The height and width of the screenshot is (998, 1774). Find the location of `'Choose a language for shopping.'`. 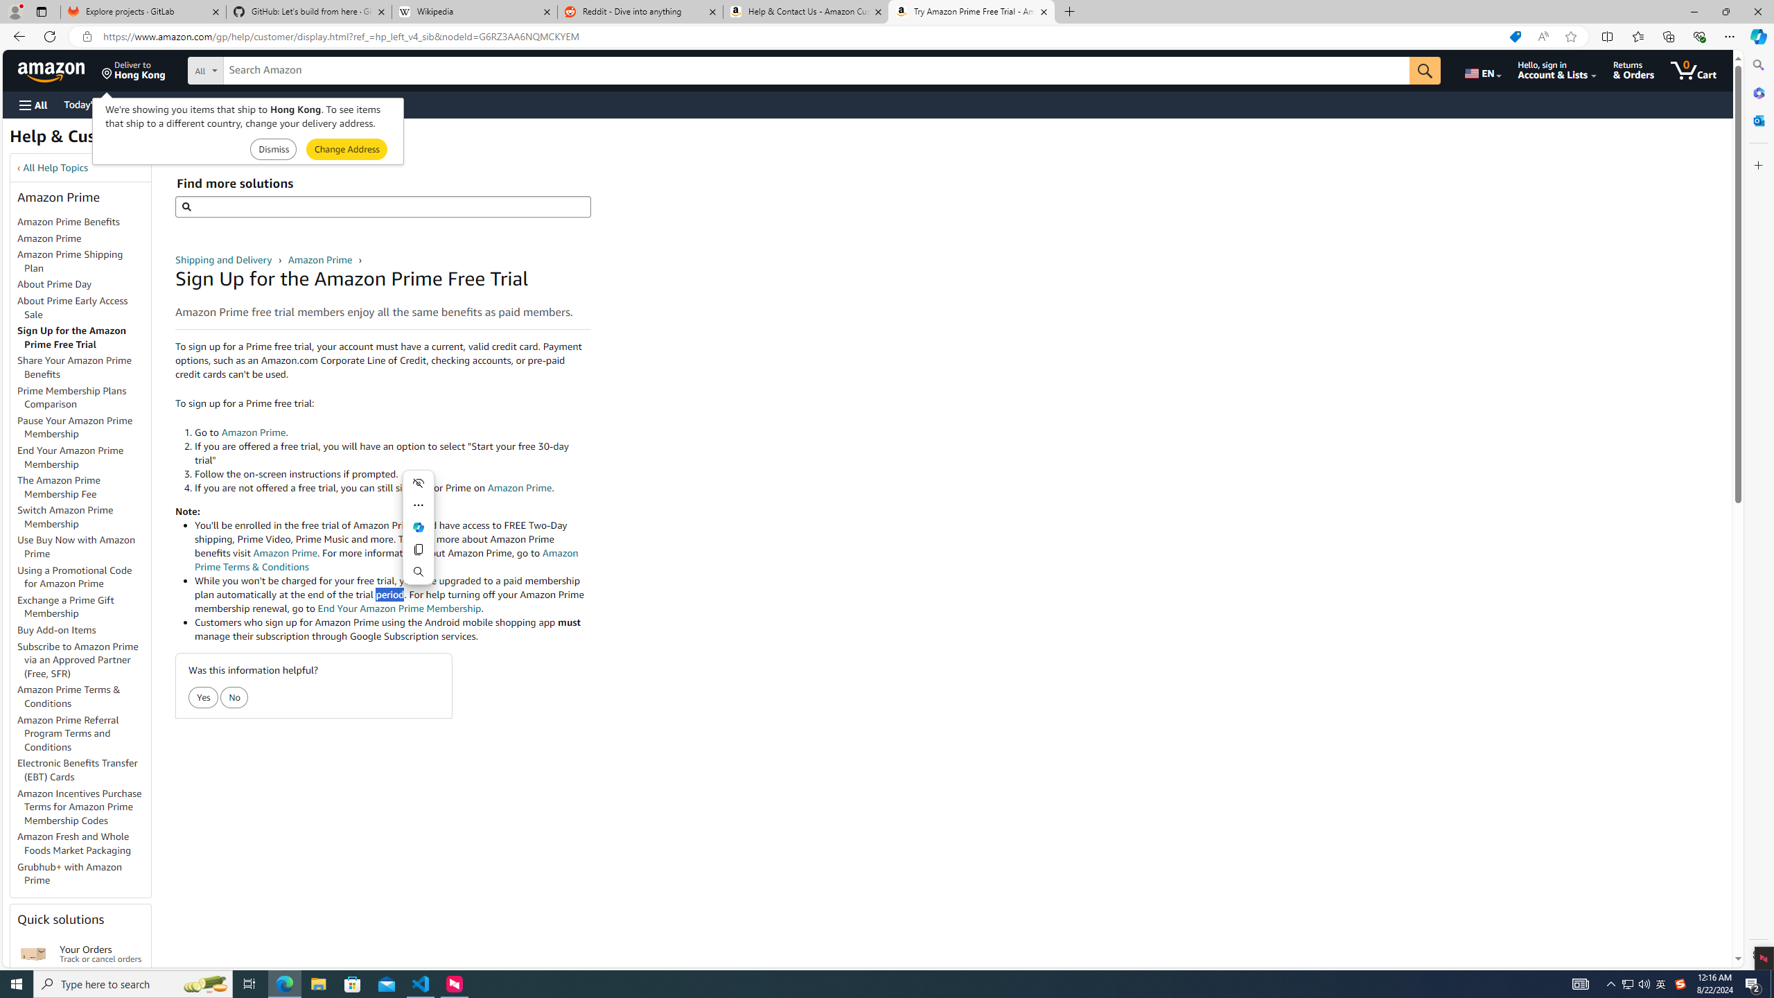

'Choose a language for shopping.' is located at coordinates (1481, 69).